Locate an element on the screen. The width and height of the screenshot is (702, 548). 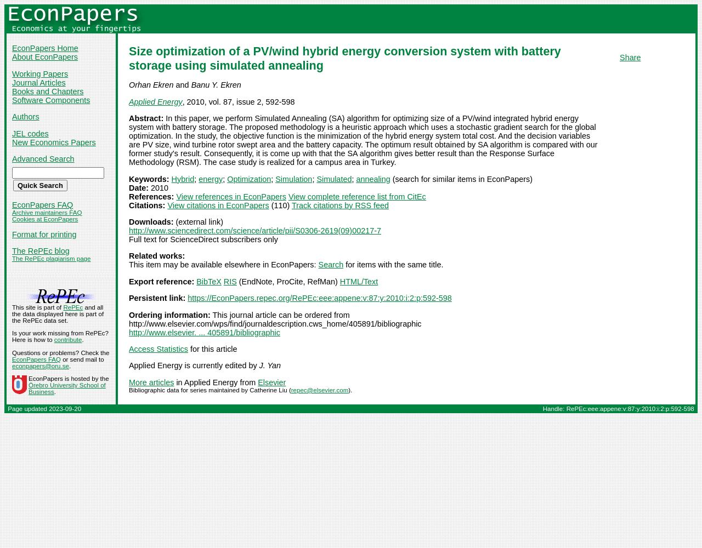
'energy' is located at coordinates (211, 178).